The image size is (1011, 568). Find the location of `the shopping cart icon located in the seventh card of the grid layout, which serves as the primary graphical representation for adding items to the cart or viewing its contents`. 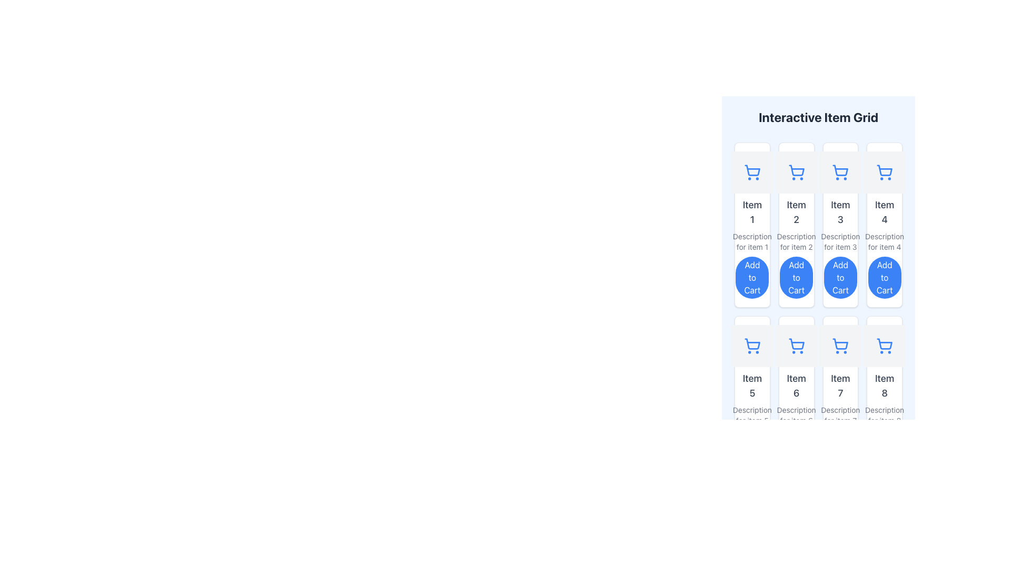

the shopping cart icon located in the seventh card of the grid layout, which serves as the primary graphical representation for adding items to the cart or viewing its contents is located at coordinates (840, 346).